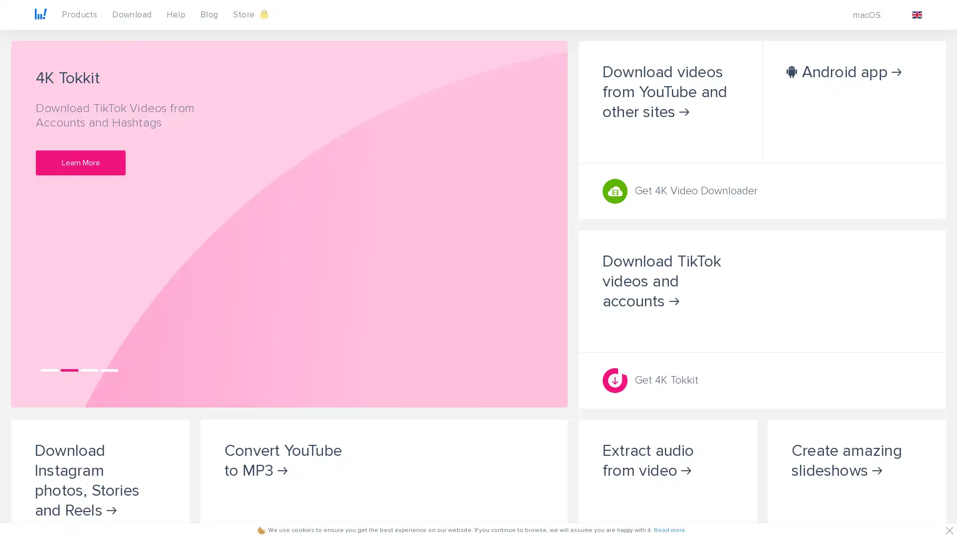  Describe the element at coordinates (179, 277) in the screenshot. I see `Validate email` at that location.